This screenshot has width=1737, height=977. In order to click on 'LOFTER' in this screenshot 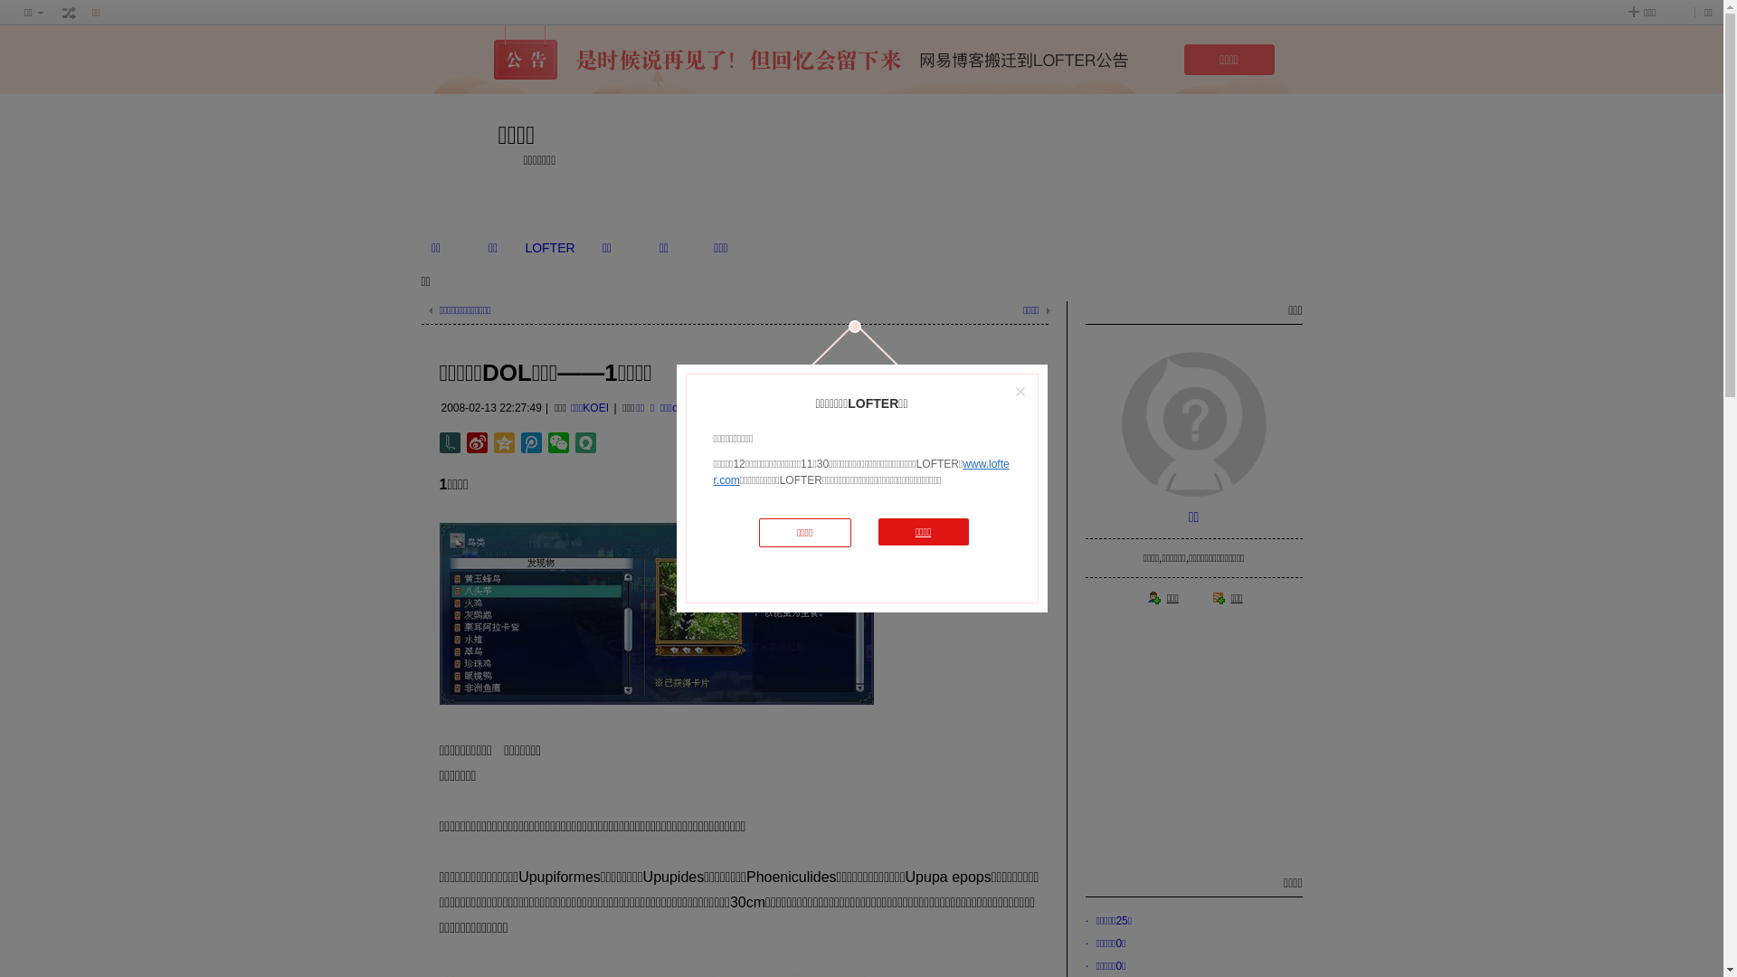, I will do `click(548, 247)`.